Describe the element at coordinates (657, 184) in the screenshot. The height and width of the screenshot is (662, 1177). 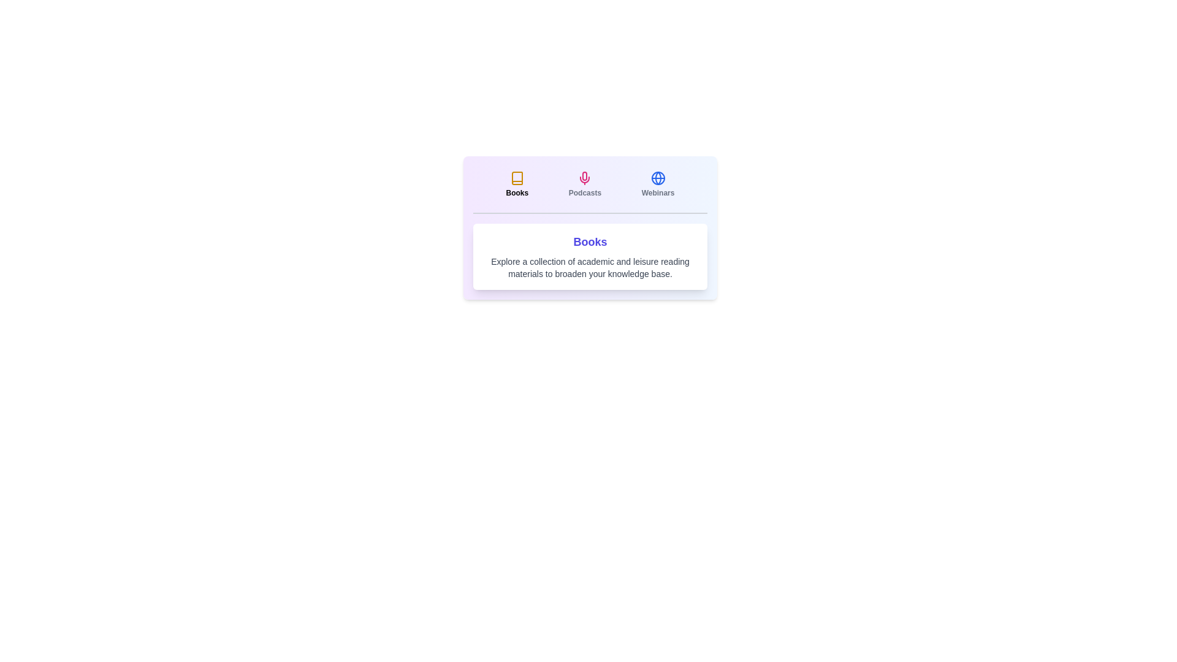
I see `the Webinars tab by clicking on it` at that location.